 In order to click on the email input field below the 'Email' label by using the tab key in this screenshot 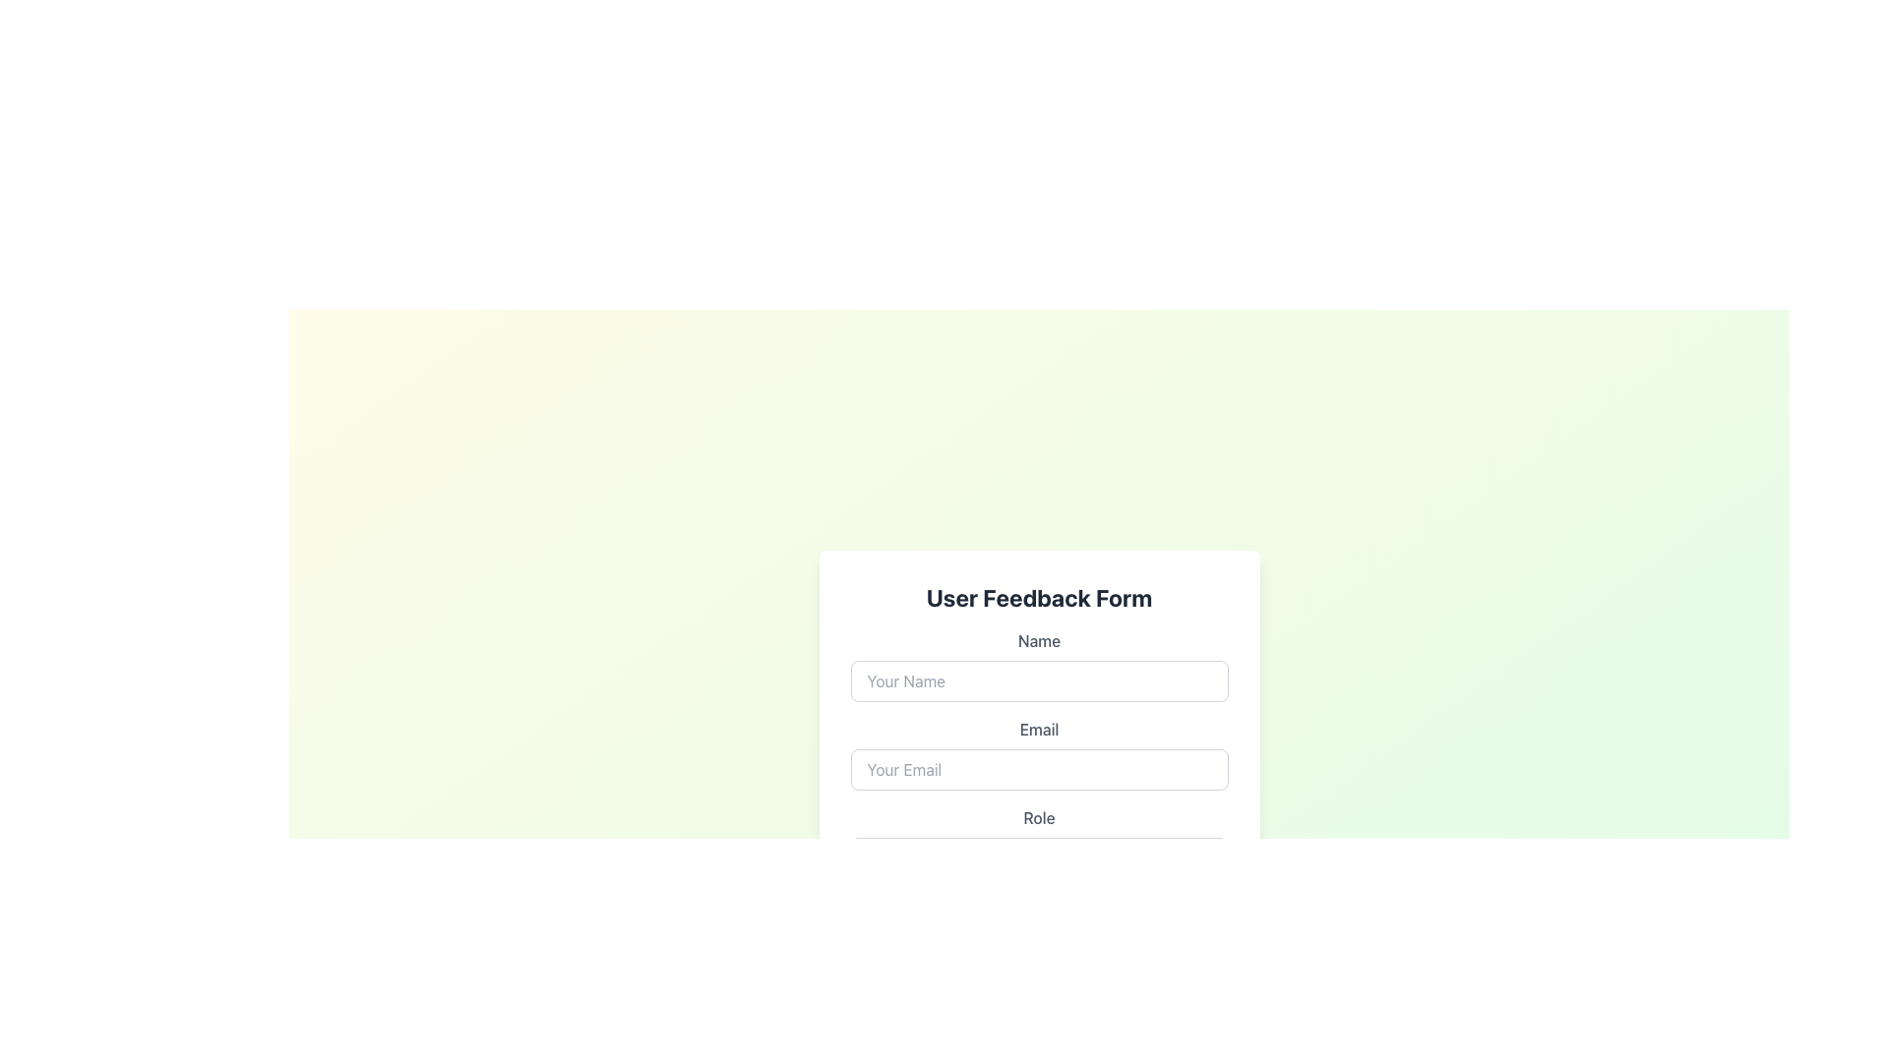, I will do `click(1038, 769)`.